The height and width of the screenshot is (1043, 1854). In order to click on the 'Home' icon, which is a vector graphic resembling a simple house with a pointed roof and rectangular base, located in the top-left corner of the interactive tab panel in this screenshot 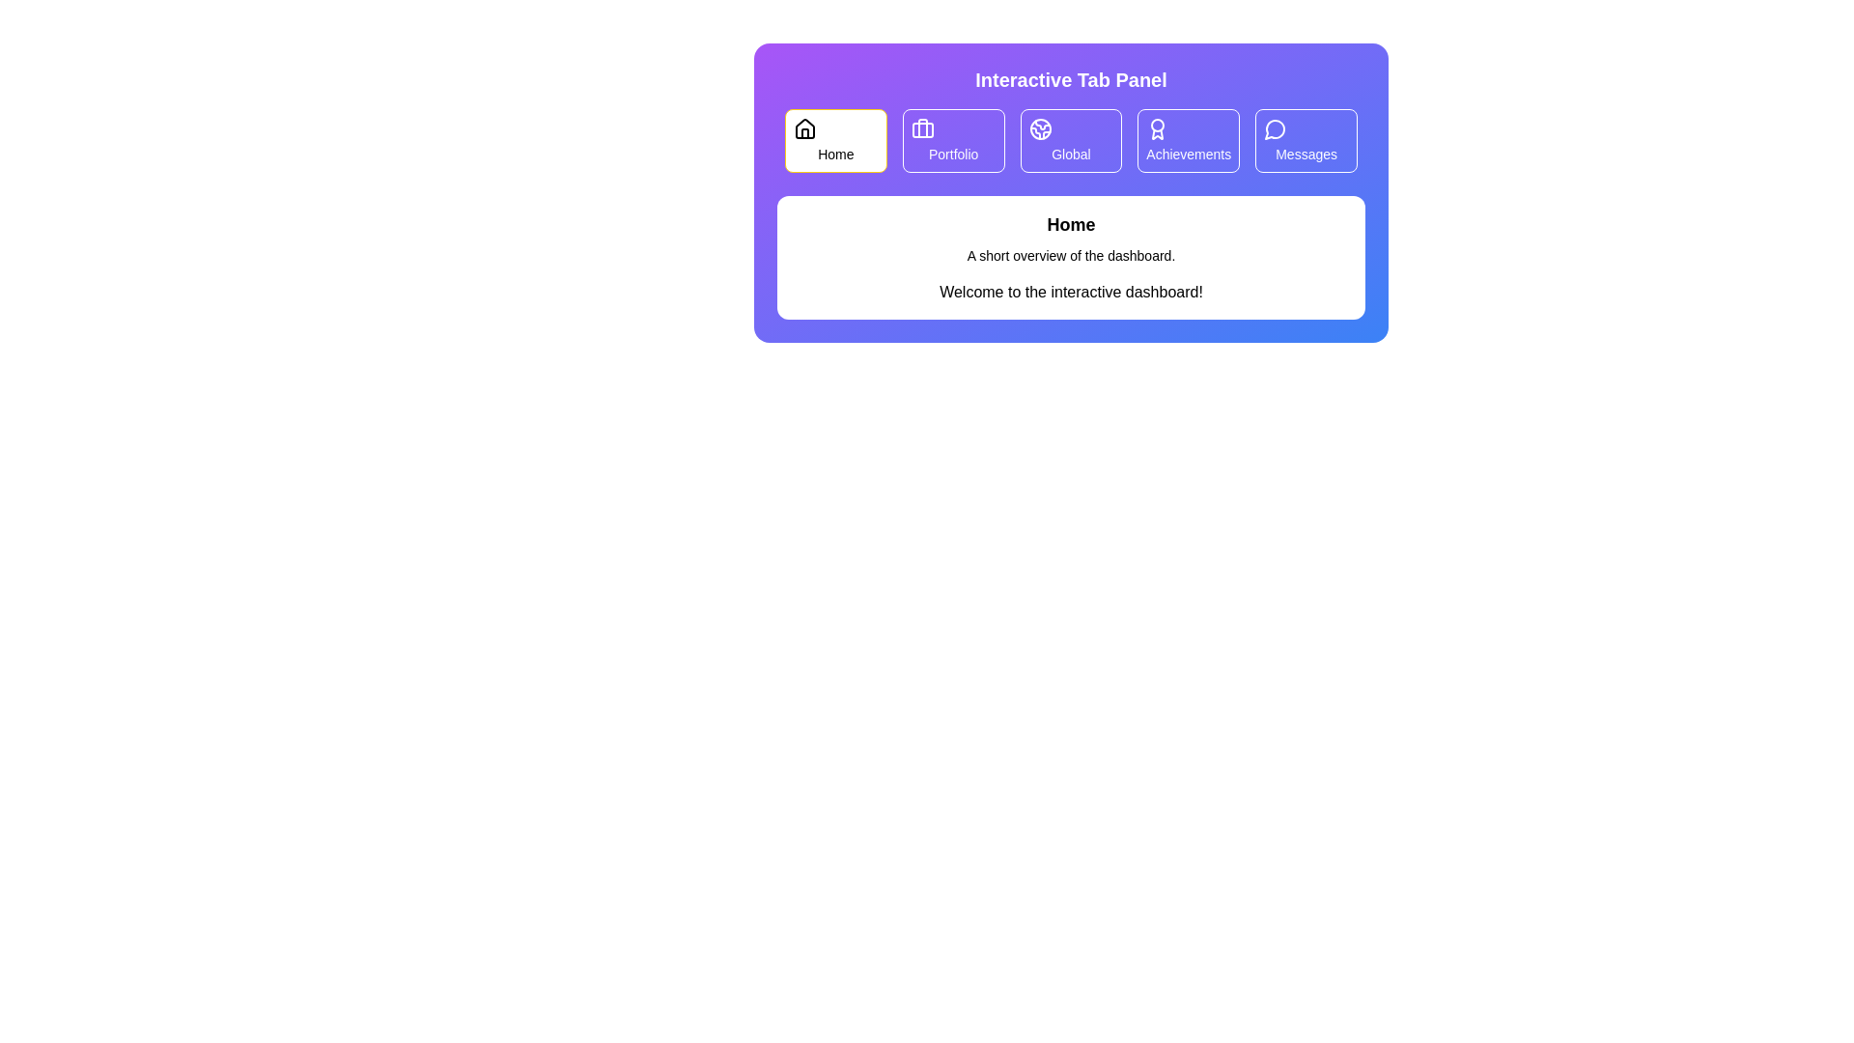, I will do `click(805, 129)`.